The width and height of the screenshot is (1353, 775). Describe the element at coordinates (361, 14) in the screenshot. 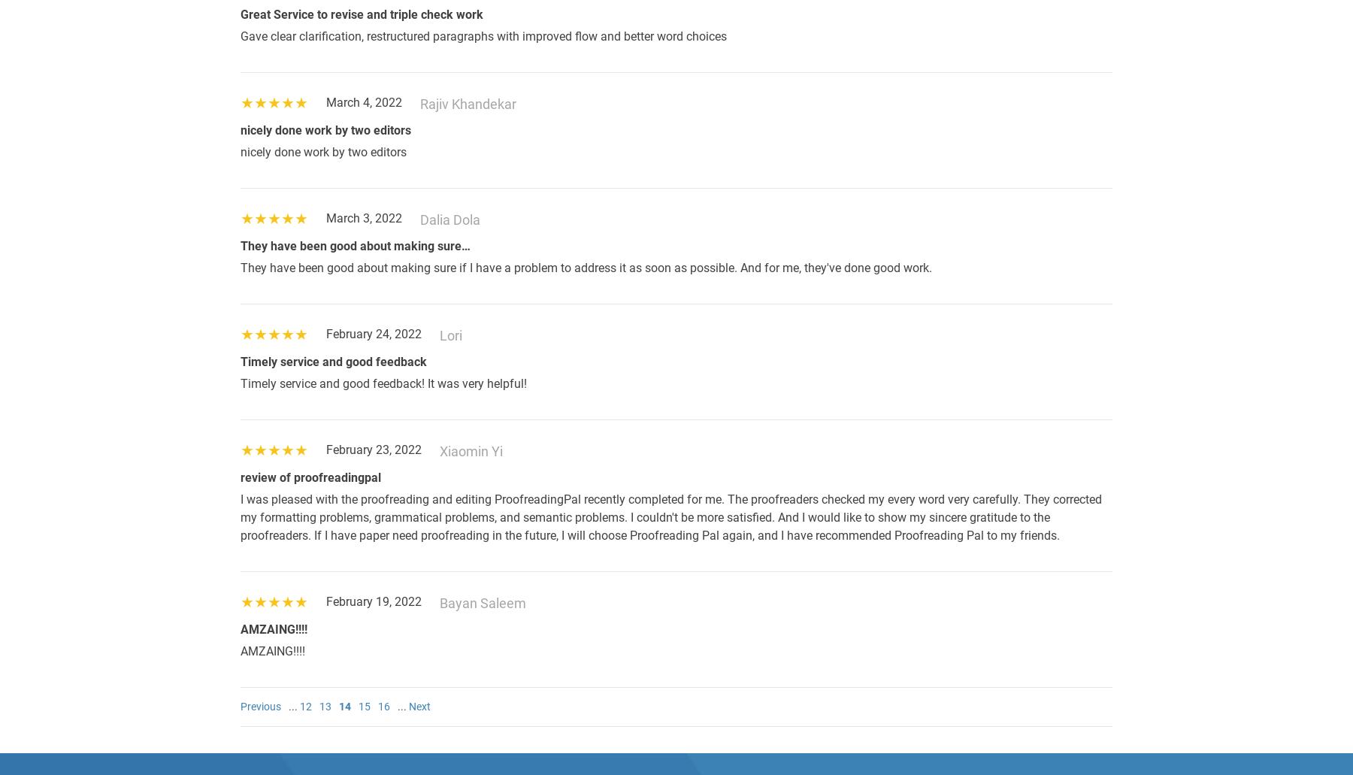

I see `'Great Service to revise and triple check work'` at that location.